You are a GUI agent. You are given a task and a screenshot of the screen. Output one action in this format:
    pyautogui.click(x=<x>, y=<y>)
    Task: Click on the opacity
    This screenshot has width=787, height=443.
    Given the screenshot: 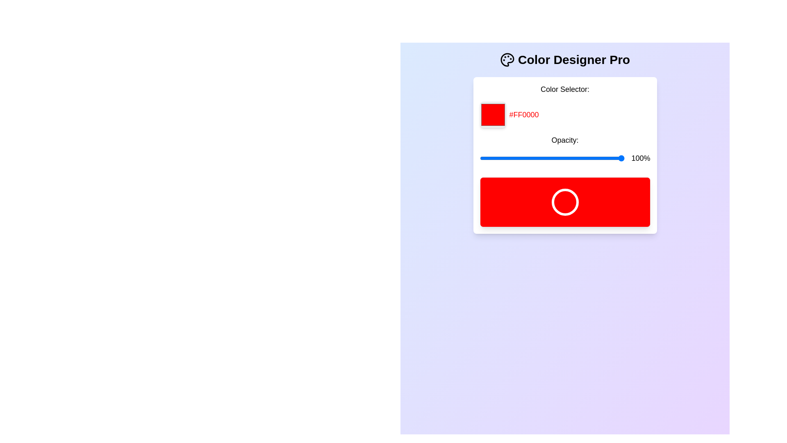 What is the action you would take?
    pyautogui.click(x=585, y=158)
    